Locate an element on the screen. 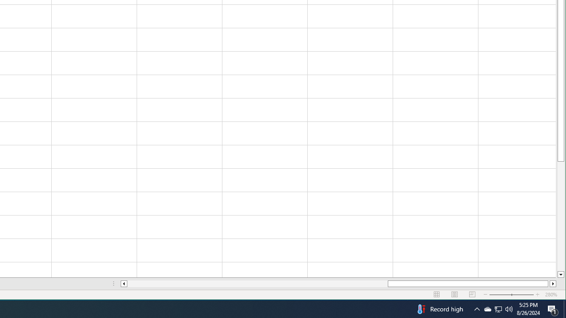 The width and height of the screenshot is (566, 318). 'Record high' is located at coordinates (439, 308).